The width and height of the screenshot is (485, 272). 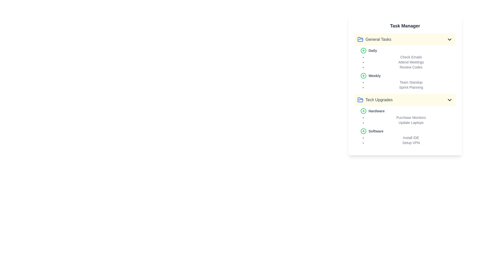 What do you see at coordinates (363, 131) in the screenshot?
I see `the circular green outlined icon with a green plus symbol located next to the 'Software' label in the 'Tech Upgrades' section` at bounding box center [363, 131].